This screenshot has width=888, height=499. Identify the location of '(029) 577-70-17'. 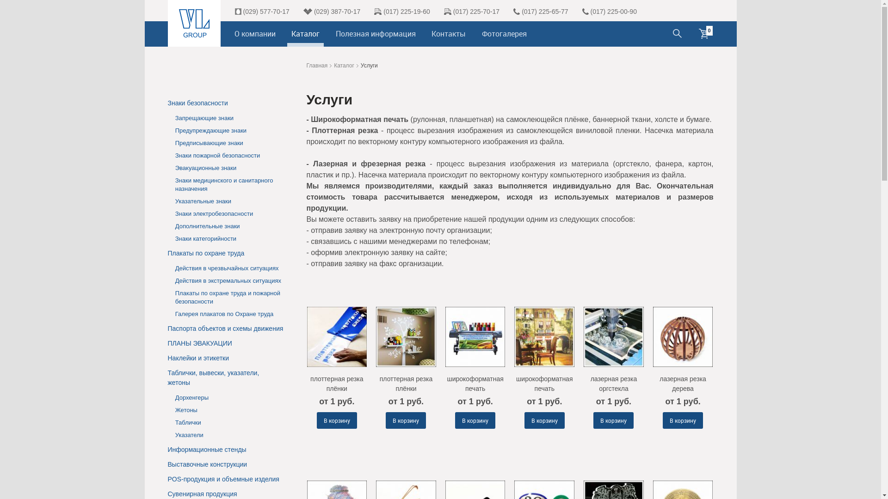
(243, 11).